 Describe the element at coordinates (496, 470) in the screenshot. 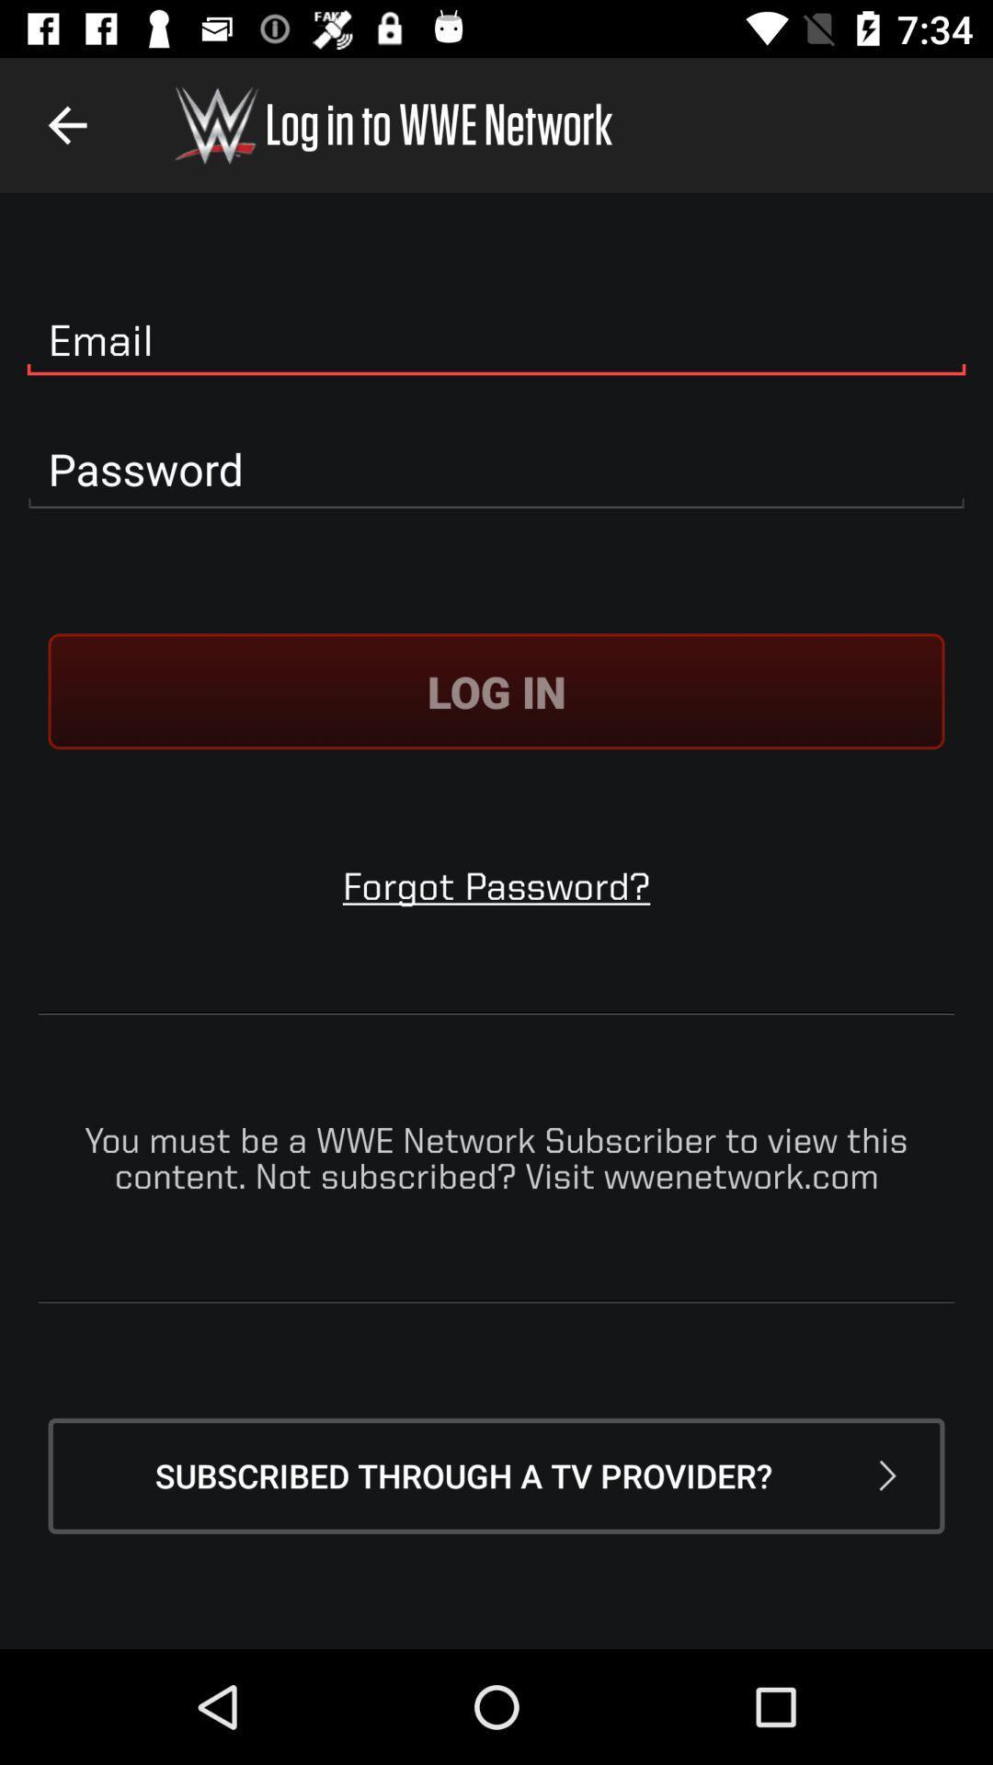

I see `password` at that location.